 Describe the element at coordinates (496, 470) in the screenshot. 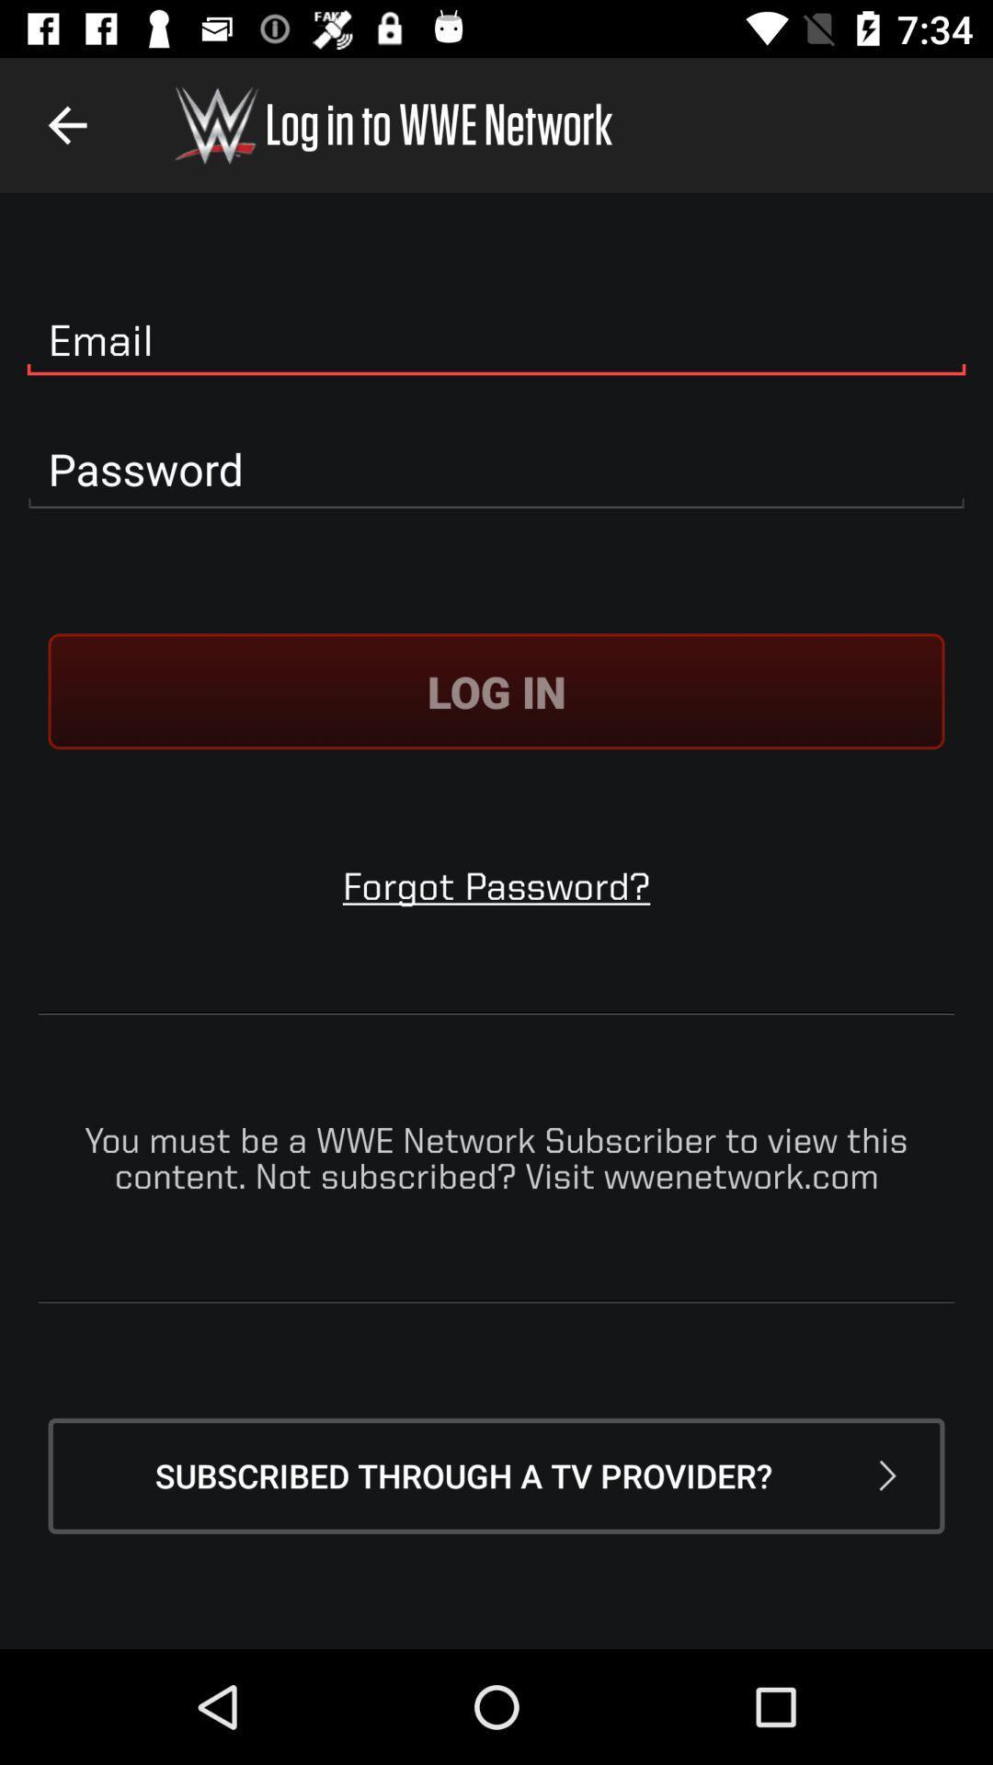

I see `password` at that location.